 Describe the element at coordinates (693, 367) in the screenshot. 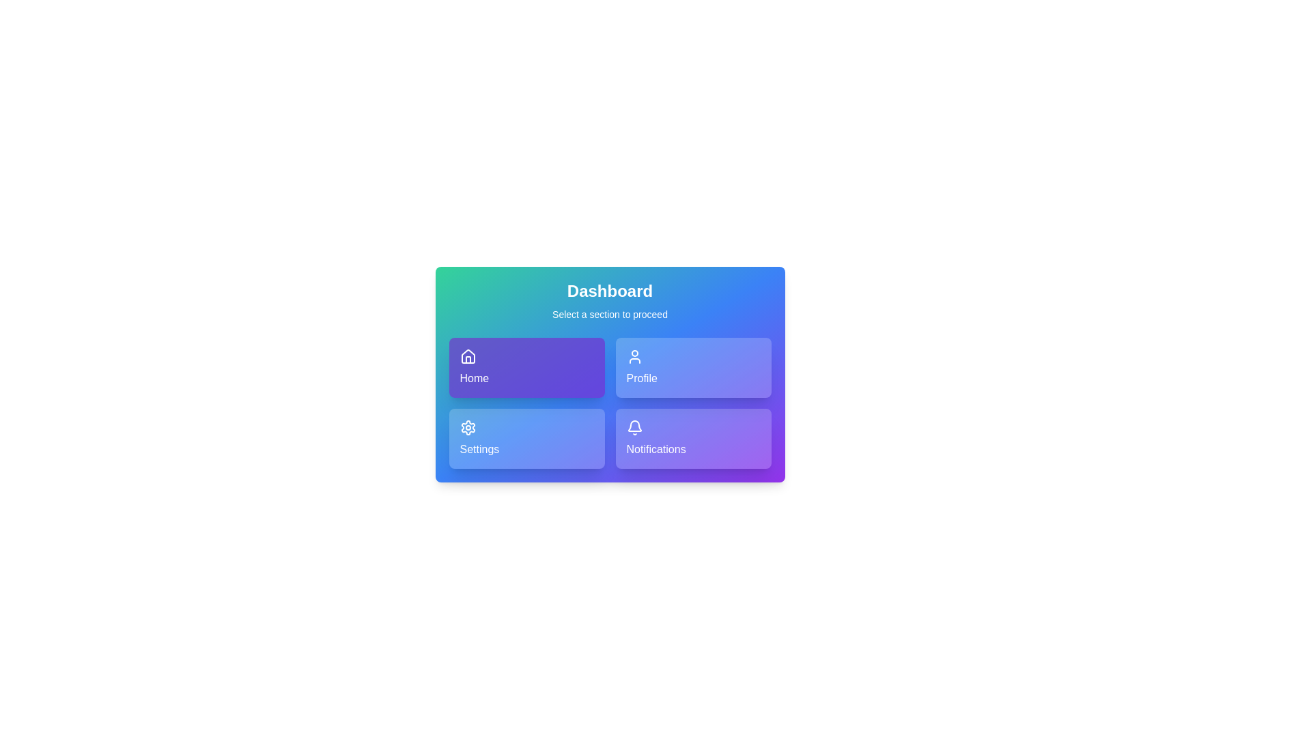

I see `the button corresponding to the section Profile` at that location.